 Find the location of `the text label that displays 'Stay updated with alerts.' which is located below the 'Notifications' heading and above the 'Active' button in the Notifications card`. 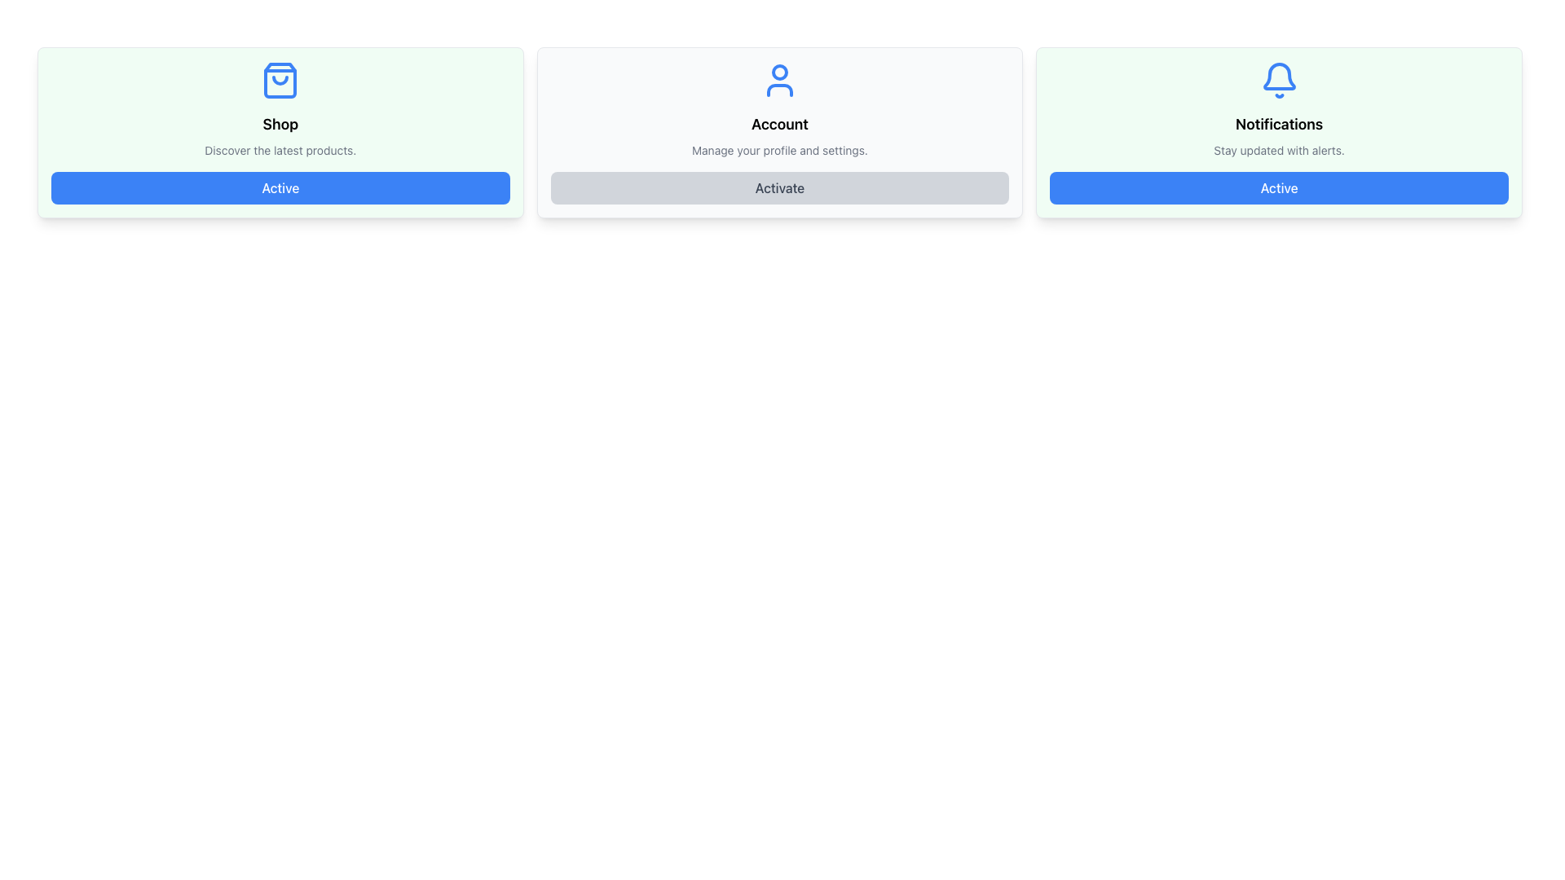

the text label that displays 'Stay updated with alerts.' which is located below the 'Notifications' heading and above the 'Active' button in the Notifications card is located at coordinates (1278, 151).